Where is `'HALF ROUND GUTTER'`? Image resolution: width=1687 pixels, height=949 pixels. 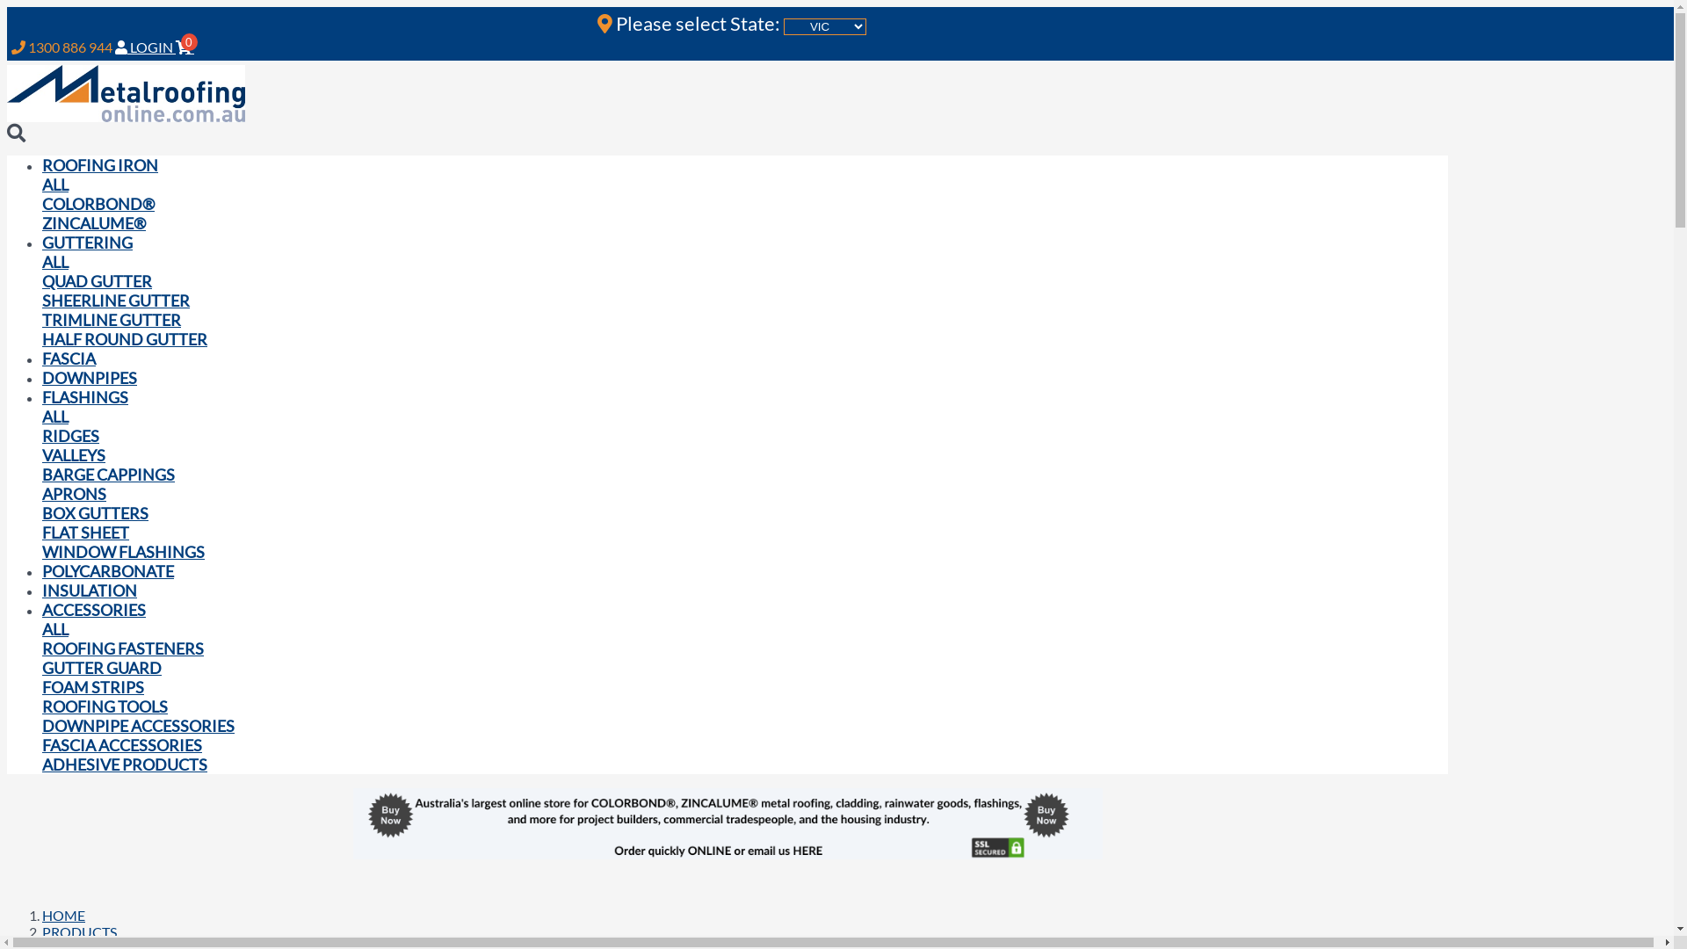 'HALF ROUND GUTTER' is located at coordinates (124, 338).